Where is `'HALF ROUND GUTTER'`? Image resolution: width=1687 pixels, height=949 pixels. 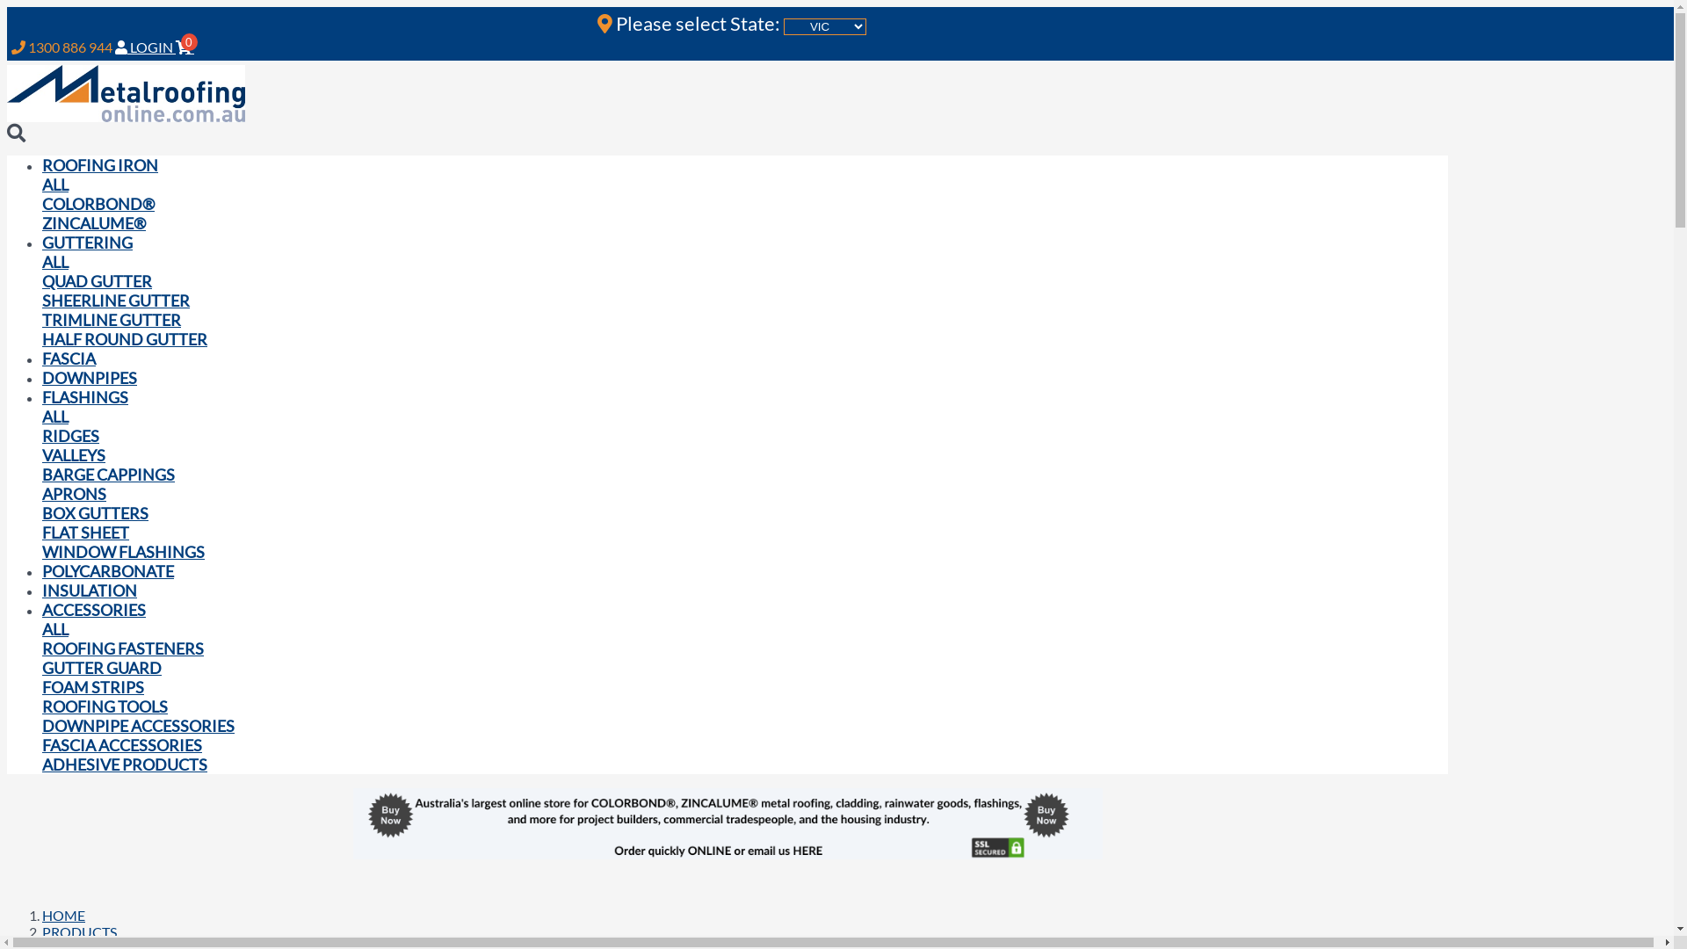 'HALF ROUND GUTTER' is located at coordinates (124, 338).